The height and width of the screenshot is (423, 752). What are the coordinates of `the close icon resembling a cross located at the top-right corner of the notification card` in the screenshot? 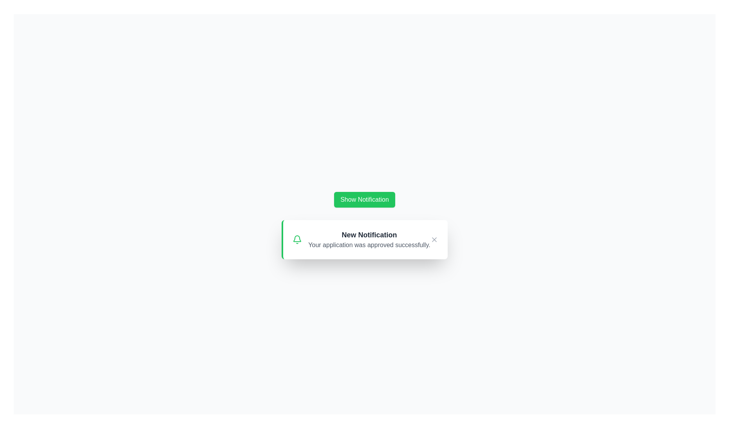 It's located at (434, 239).